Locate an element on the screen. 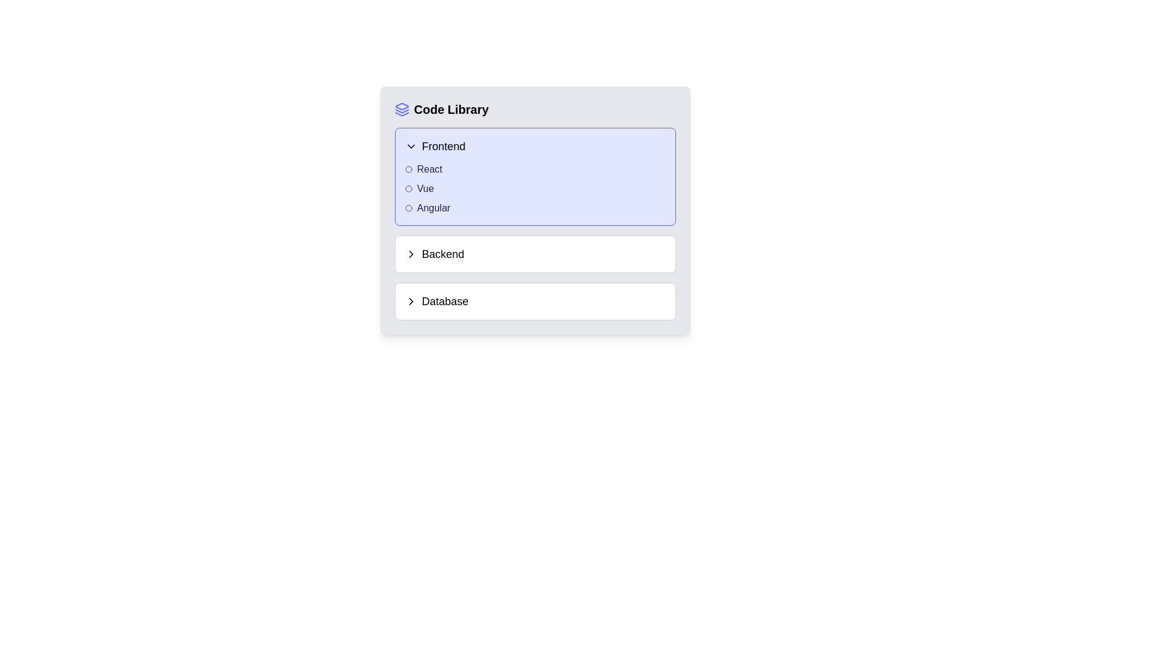 This screenshot has width=1163, height=654. the items within the categorized list of JavaScript frameworks located in the 'Frontend' section of the 'Code Library' card is located at coordinates (534, 189).